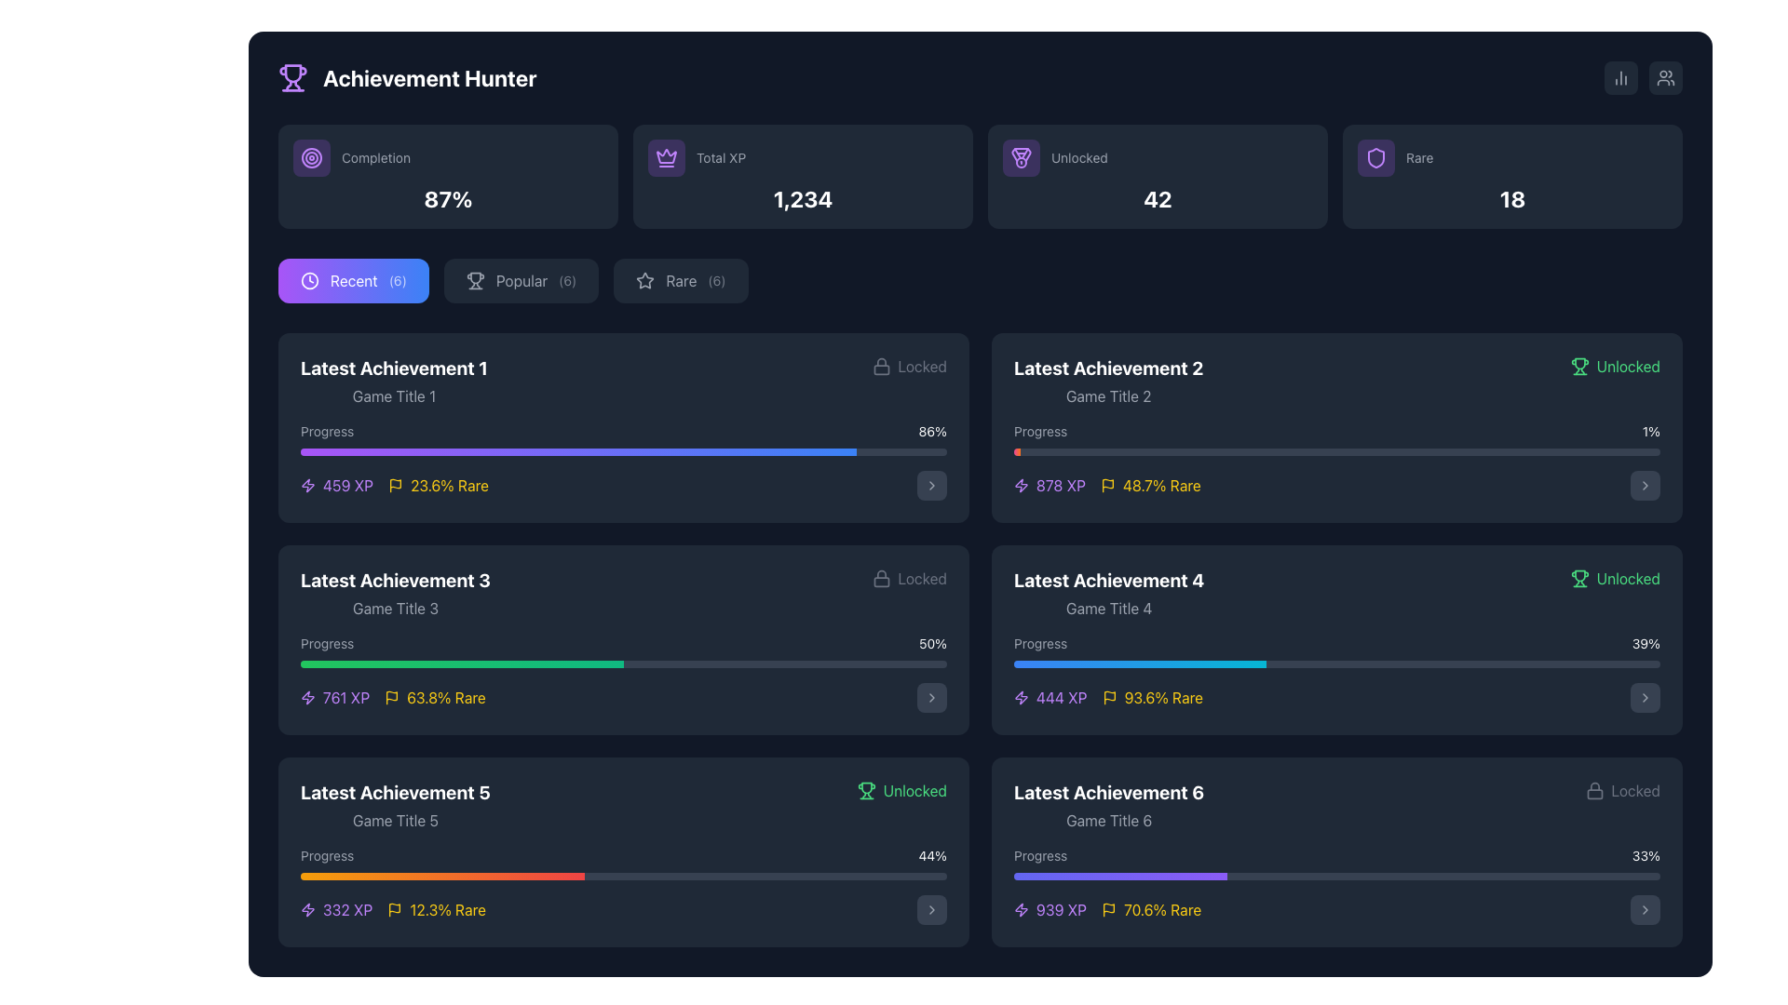 Image resolution: width=1788 pixels, height=1005 pixels. What do you see at coordinates (308, 909) in the screenshot?
I see `the graphical icon resembling a lightning bolt located in the 'Latest Achievement 5' section, next to the '332 XP' text` at bounding box center [308, 909].